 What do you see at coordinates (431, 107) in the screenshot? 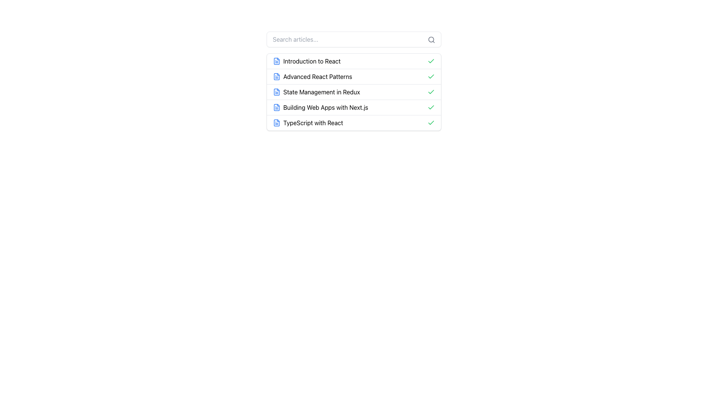
I see `the green checkmark icon located on the far right of the row labeled 'Building Web Apps with Next.js'` at bounding box center [431, 107].